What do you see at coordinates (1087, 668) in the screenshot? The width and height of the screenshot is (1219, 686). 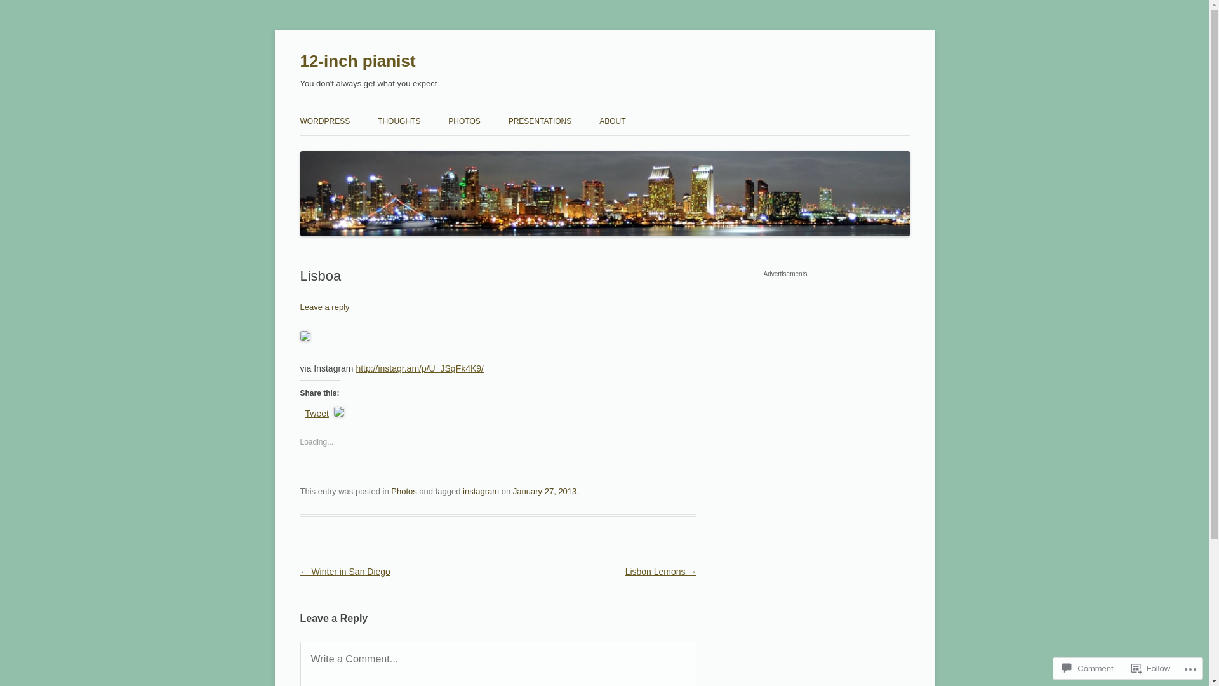 I see `'Comment'` at bounding box center [1087, 668].